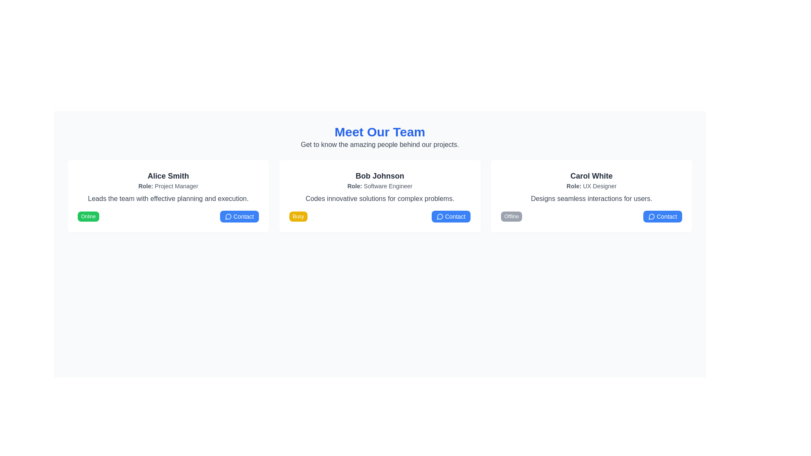  I want to click on the contact button located in the bottom-right corner of Alice Smith's profile card, just below the 'Online' status indicator, to initiate contact, so click(239, 216).